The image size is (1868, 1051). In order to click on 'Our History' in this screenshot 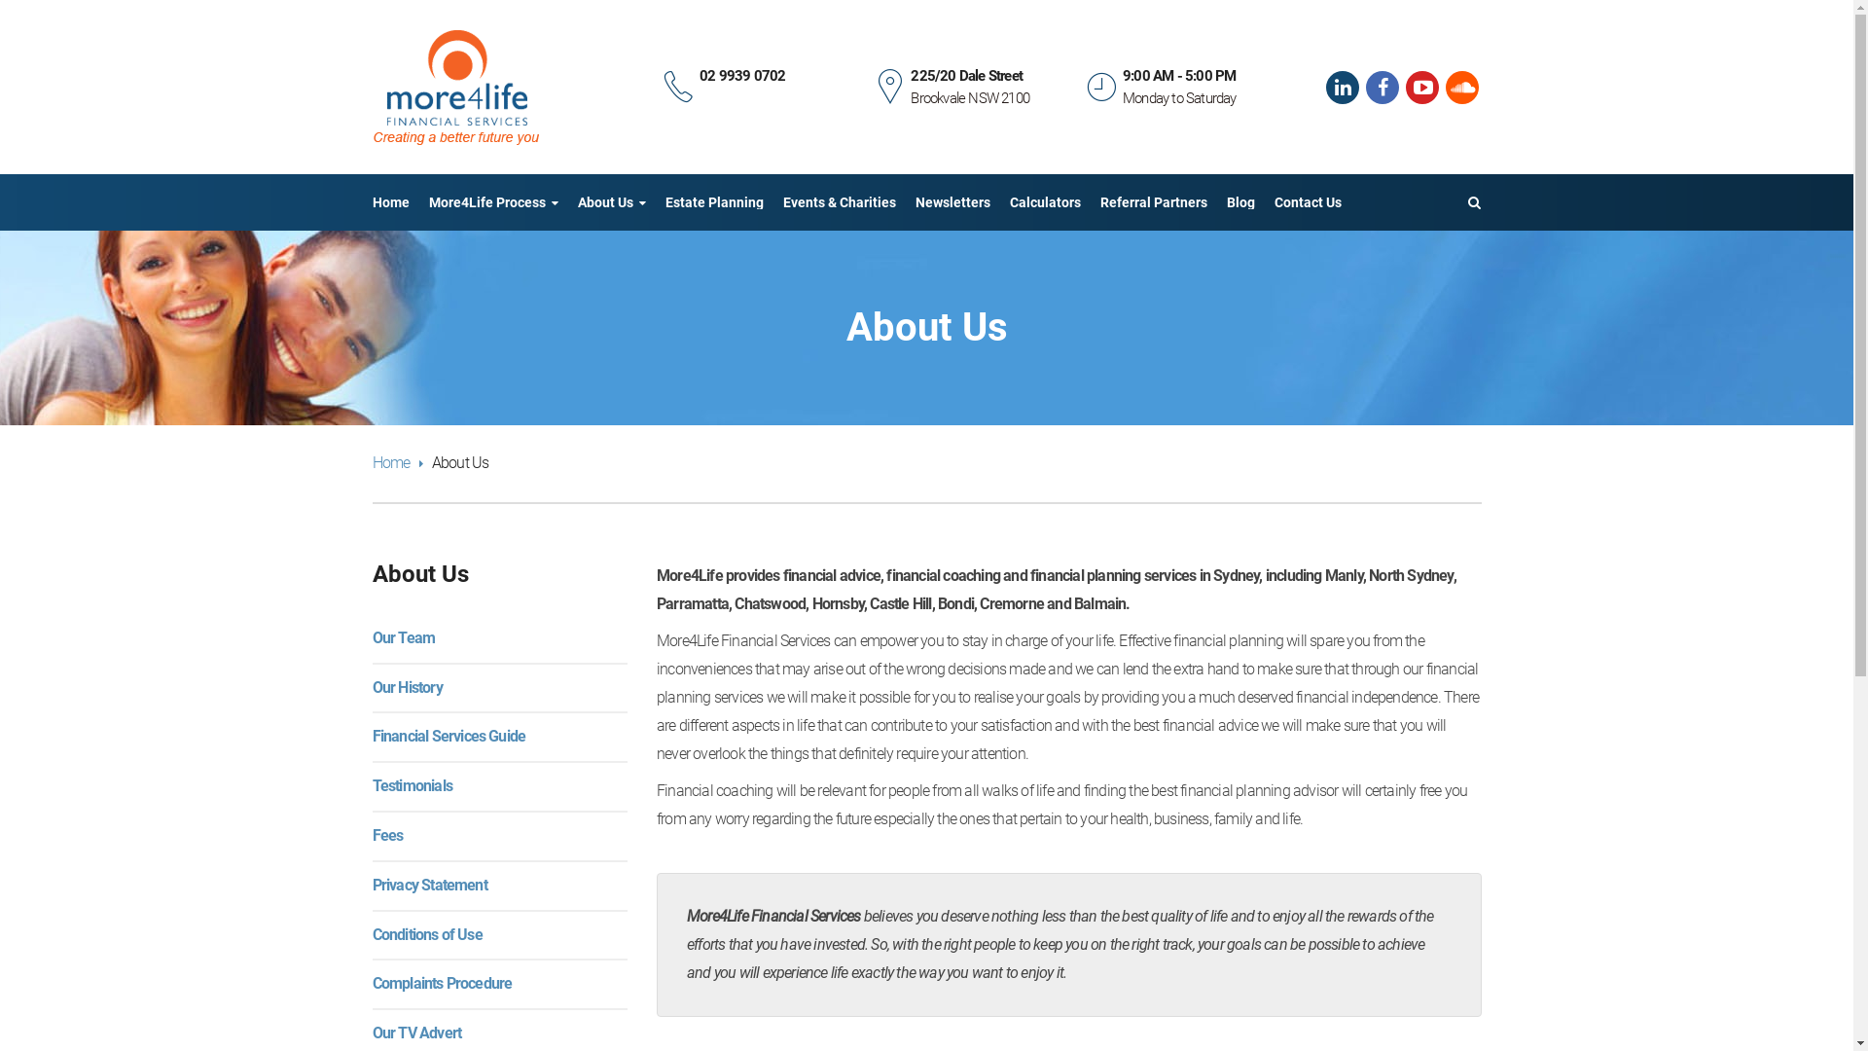, I will do `click(405, 686)`.